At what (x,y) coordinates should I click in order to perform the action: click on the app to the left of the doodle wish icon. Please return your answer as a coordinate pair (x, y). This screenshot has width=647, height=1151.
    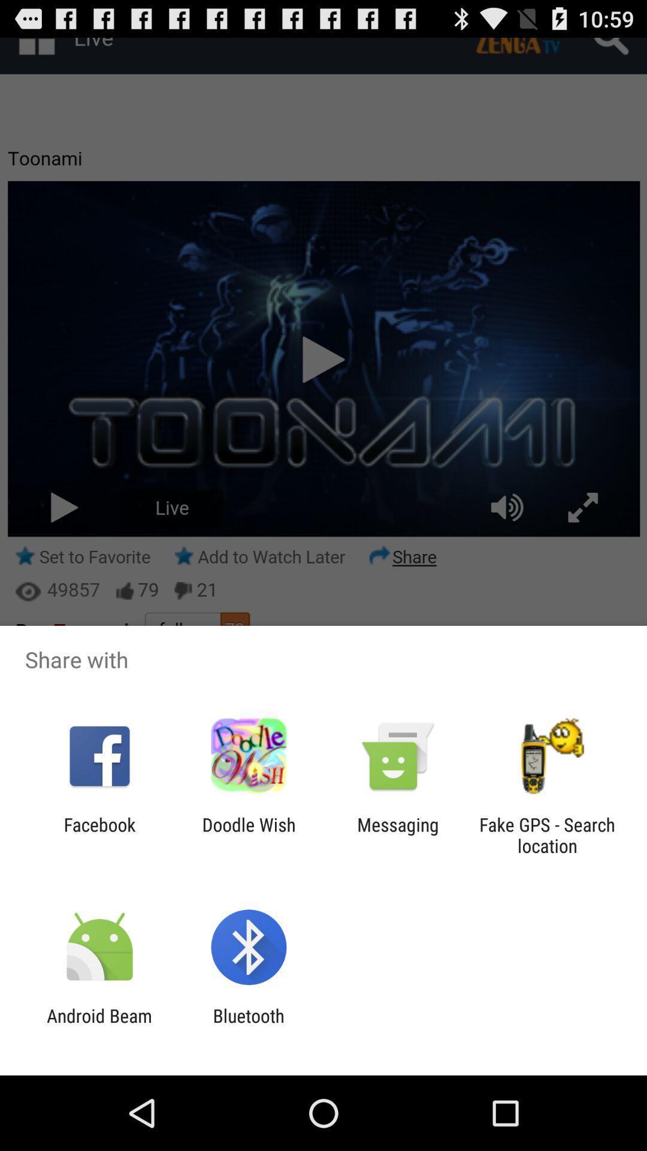
    Looking at the image, I should click on (99, 834).